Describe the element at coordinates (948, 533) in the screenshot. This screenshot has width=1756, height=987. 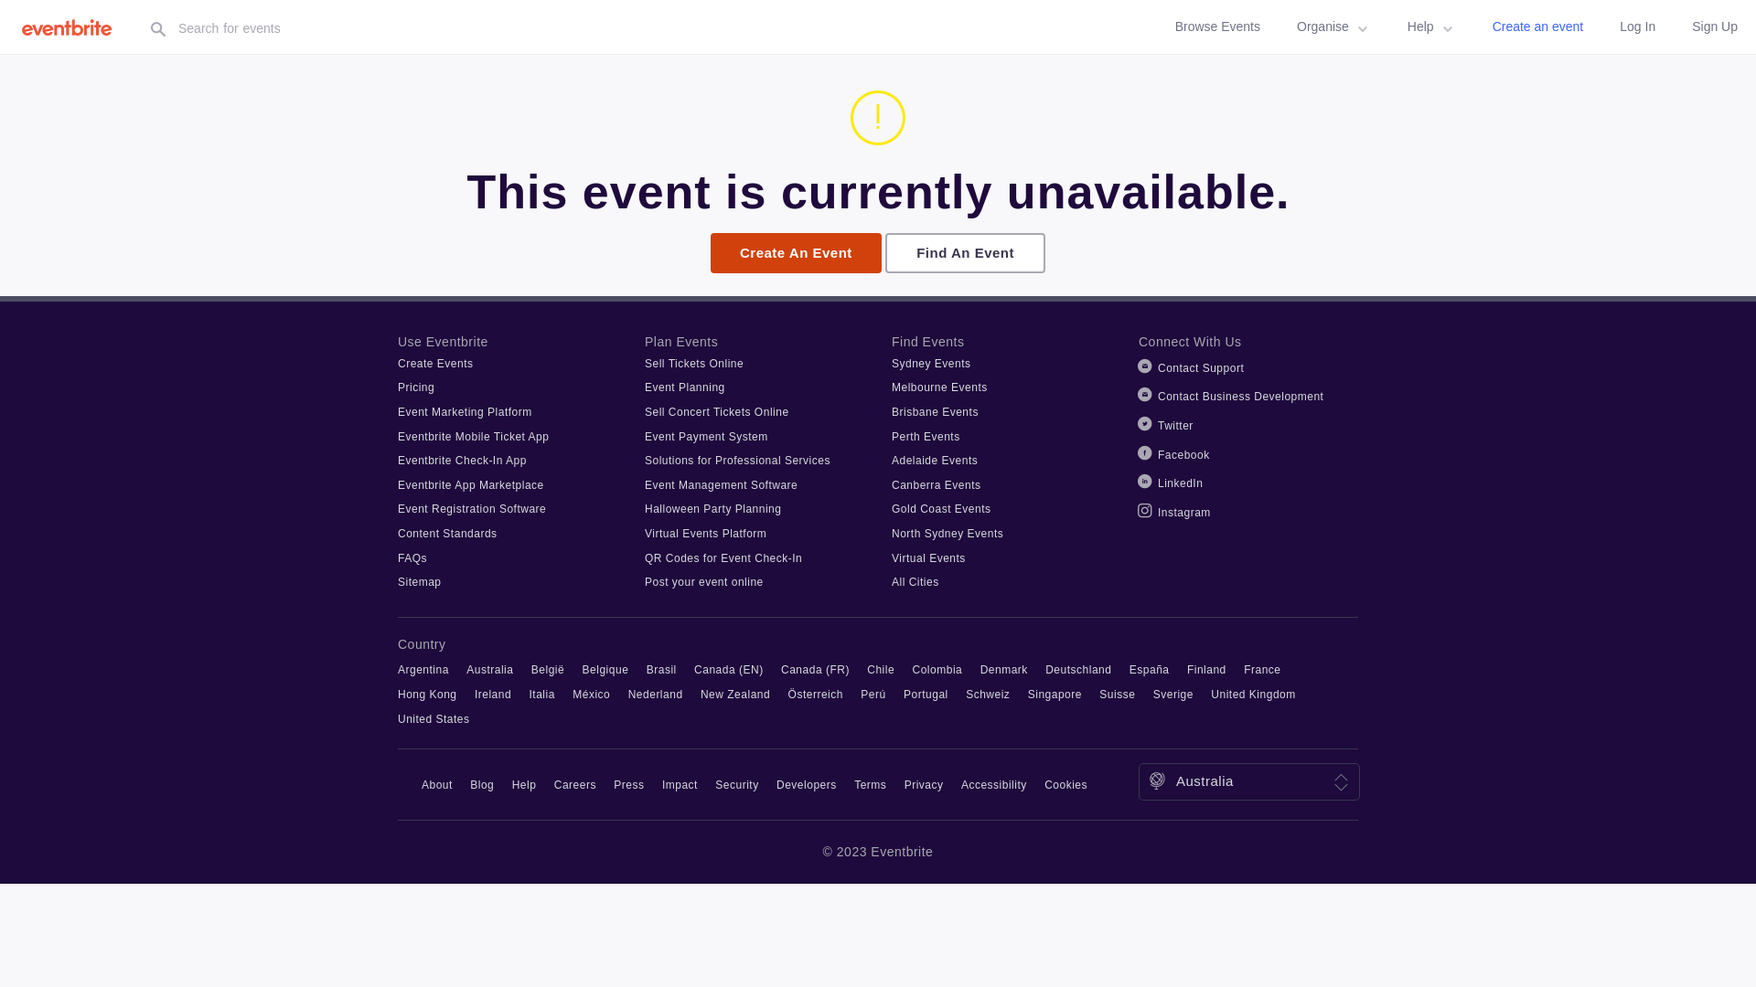
I see `'North Sydney Events'` at that location.